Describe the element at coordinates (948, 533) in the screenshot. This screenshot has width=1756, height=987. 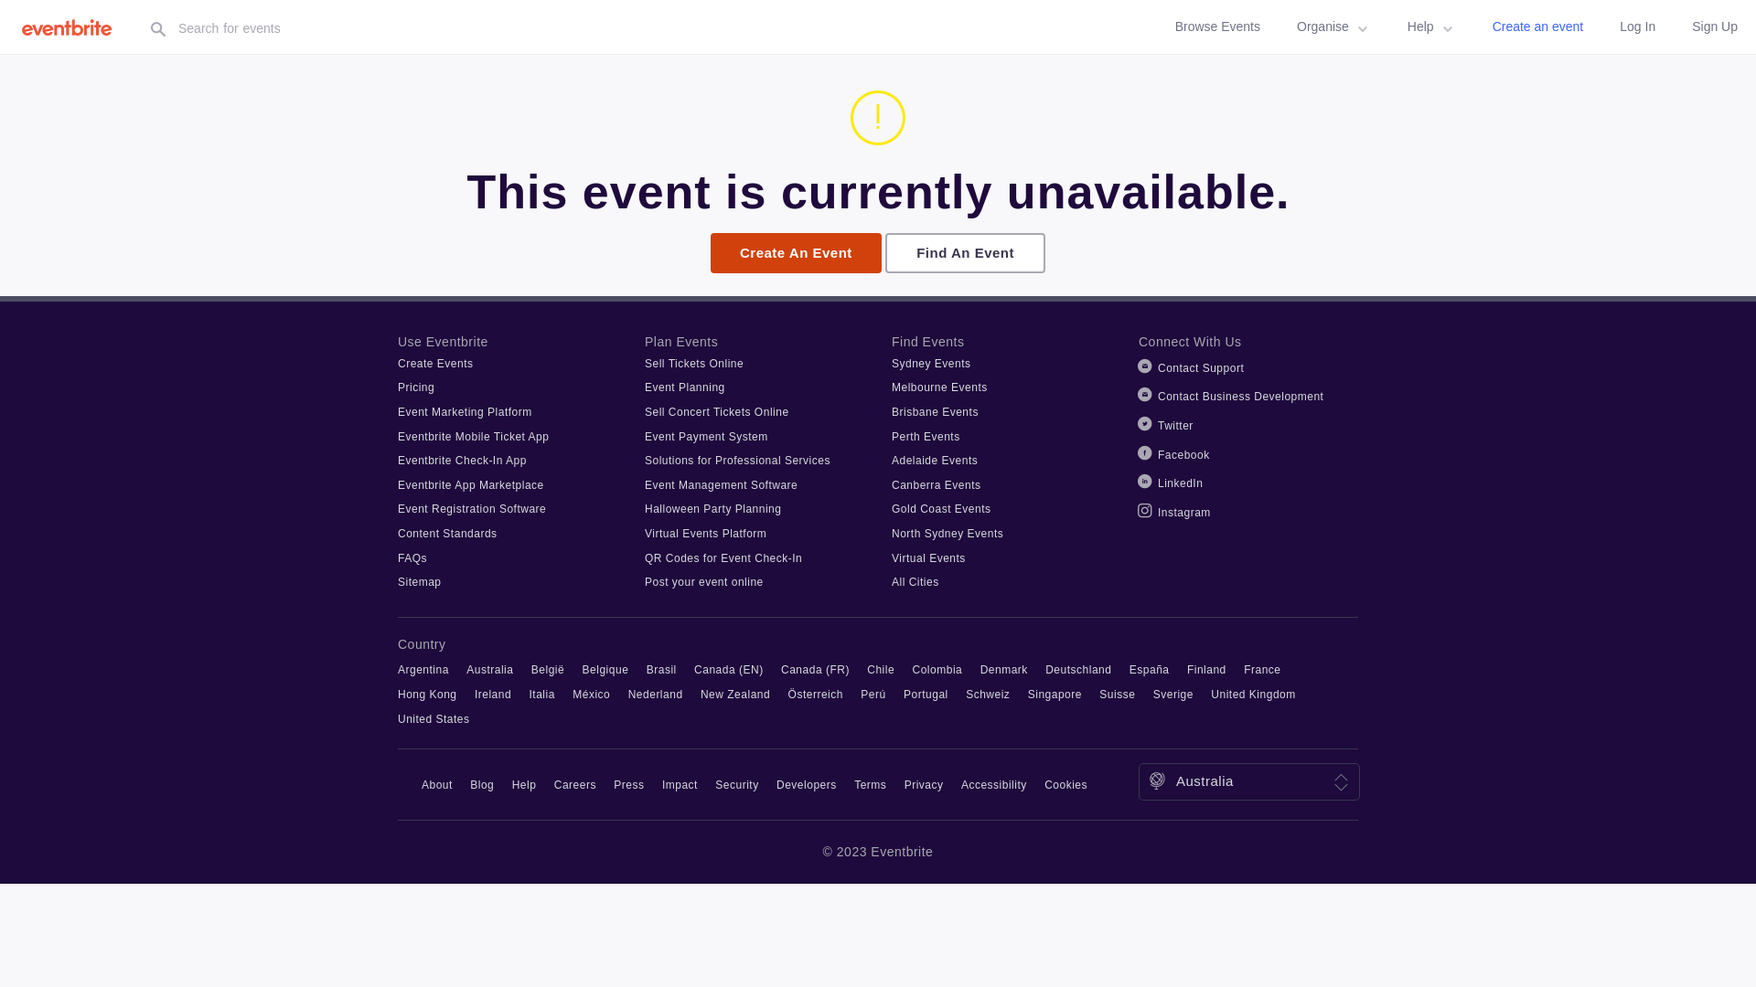
I see `'North Sydney Events'` at that location.